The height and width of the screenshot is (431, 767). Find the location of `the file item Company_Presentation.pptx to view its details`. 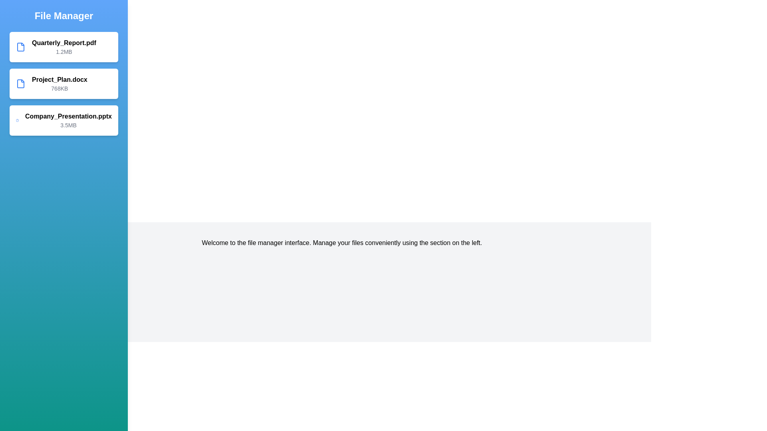

the file item Company_Presentation.pptx to view its details is located at coordinates (63, 120).